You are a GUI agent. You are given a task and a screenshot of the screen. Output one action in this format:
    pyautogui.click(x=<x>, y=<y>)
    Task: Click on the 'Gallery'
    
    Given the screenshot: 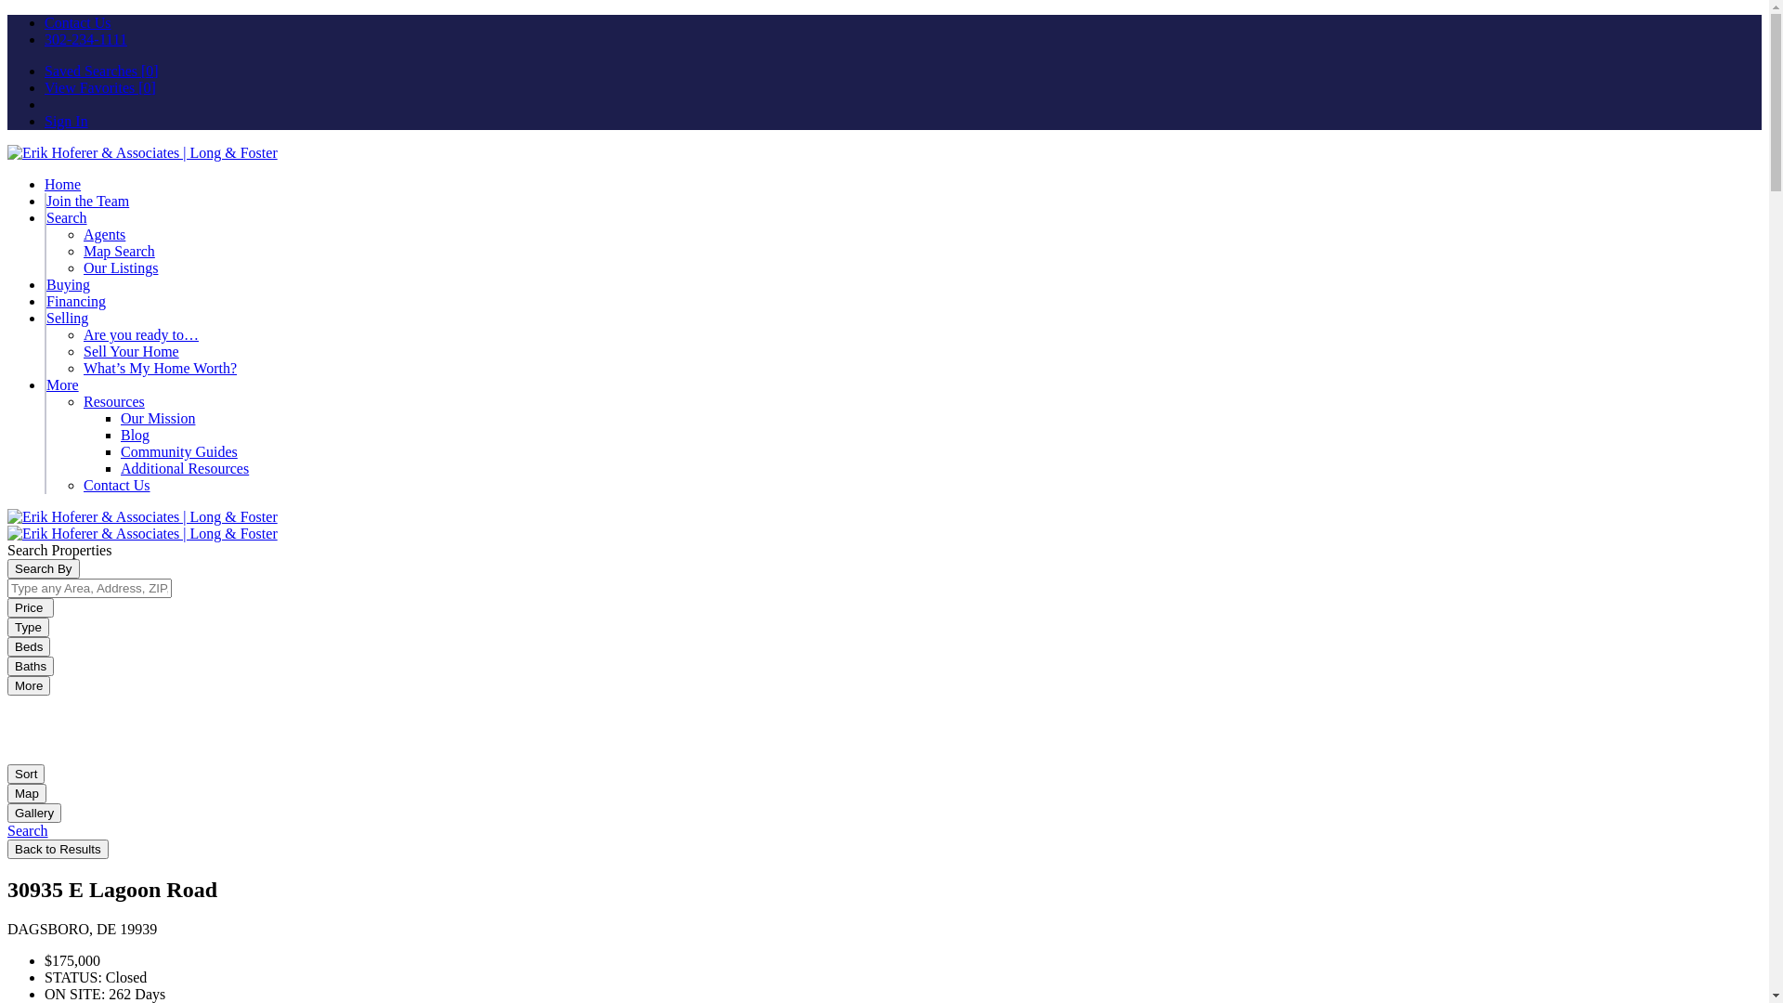 What is the action you would take?
    pyautogui.click(x=34, y=812)
    